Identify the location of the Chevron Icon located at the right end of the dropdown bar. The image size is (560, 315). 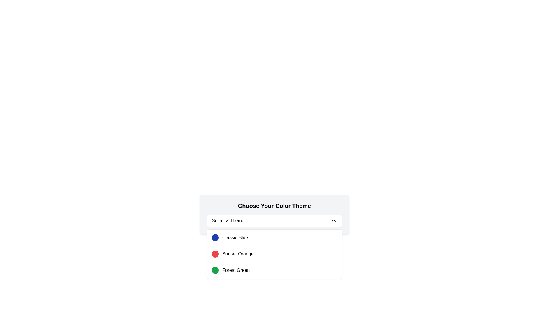
(333, 220).